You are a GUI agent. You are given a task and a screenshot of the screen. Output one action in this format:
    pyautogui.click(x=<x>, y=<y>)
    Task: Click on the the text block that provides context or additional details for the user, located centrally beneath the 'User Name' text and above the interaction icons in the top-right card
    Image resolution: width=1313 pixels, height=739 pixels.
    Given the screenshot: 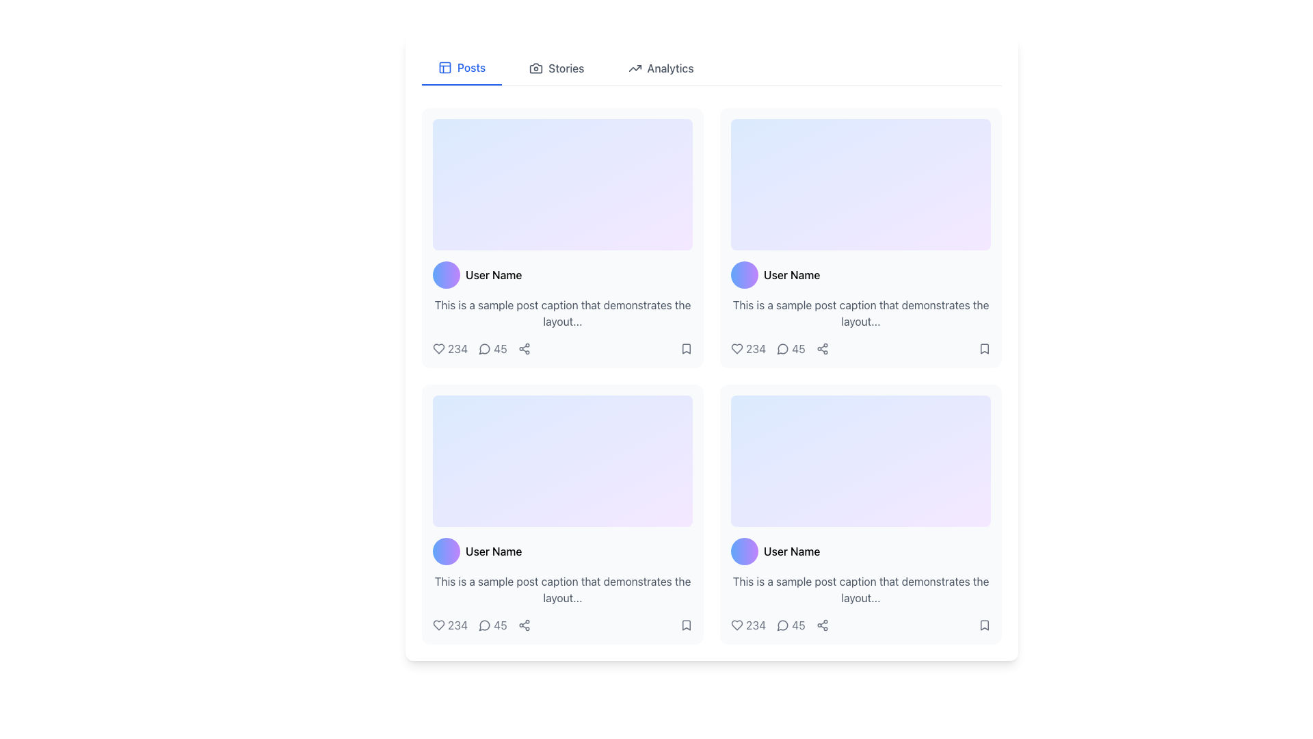 What is the action you would take?
    pyautogui.click(x=860, y=313)
    